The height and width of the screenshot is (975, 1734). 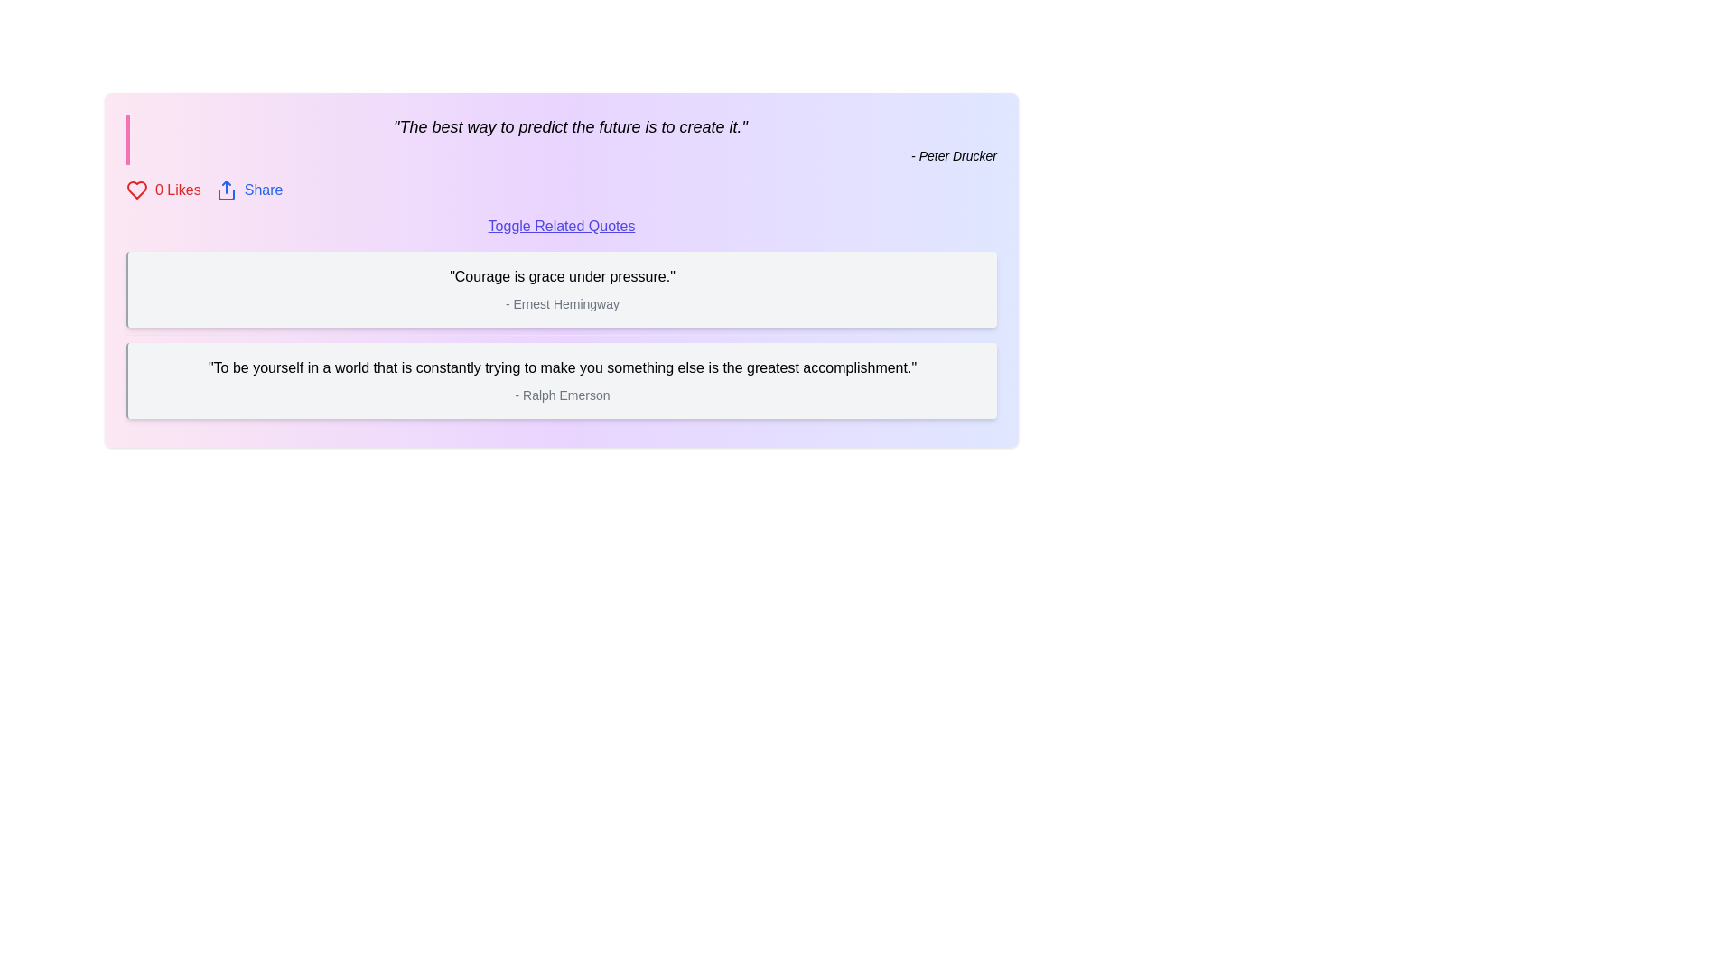 I want to click on the first quote block underneath the heading 'Toggle Related Quotes', which has a light gray background and contains a bold quote followed by an author attribution, so click(x=561, y=288).